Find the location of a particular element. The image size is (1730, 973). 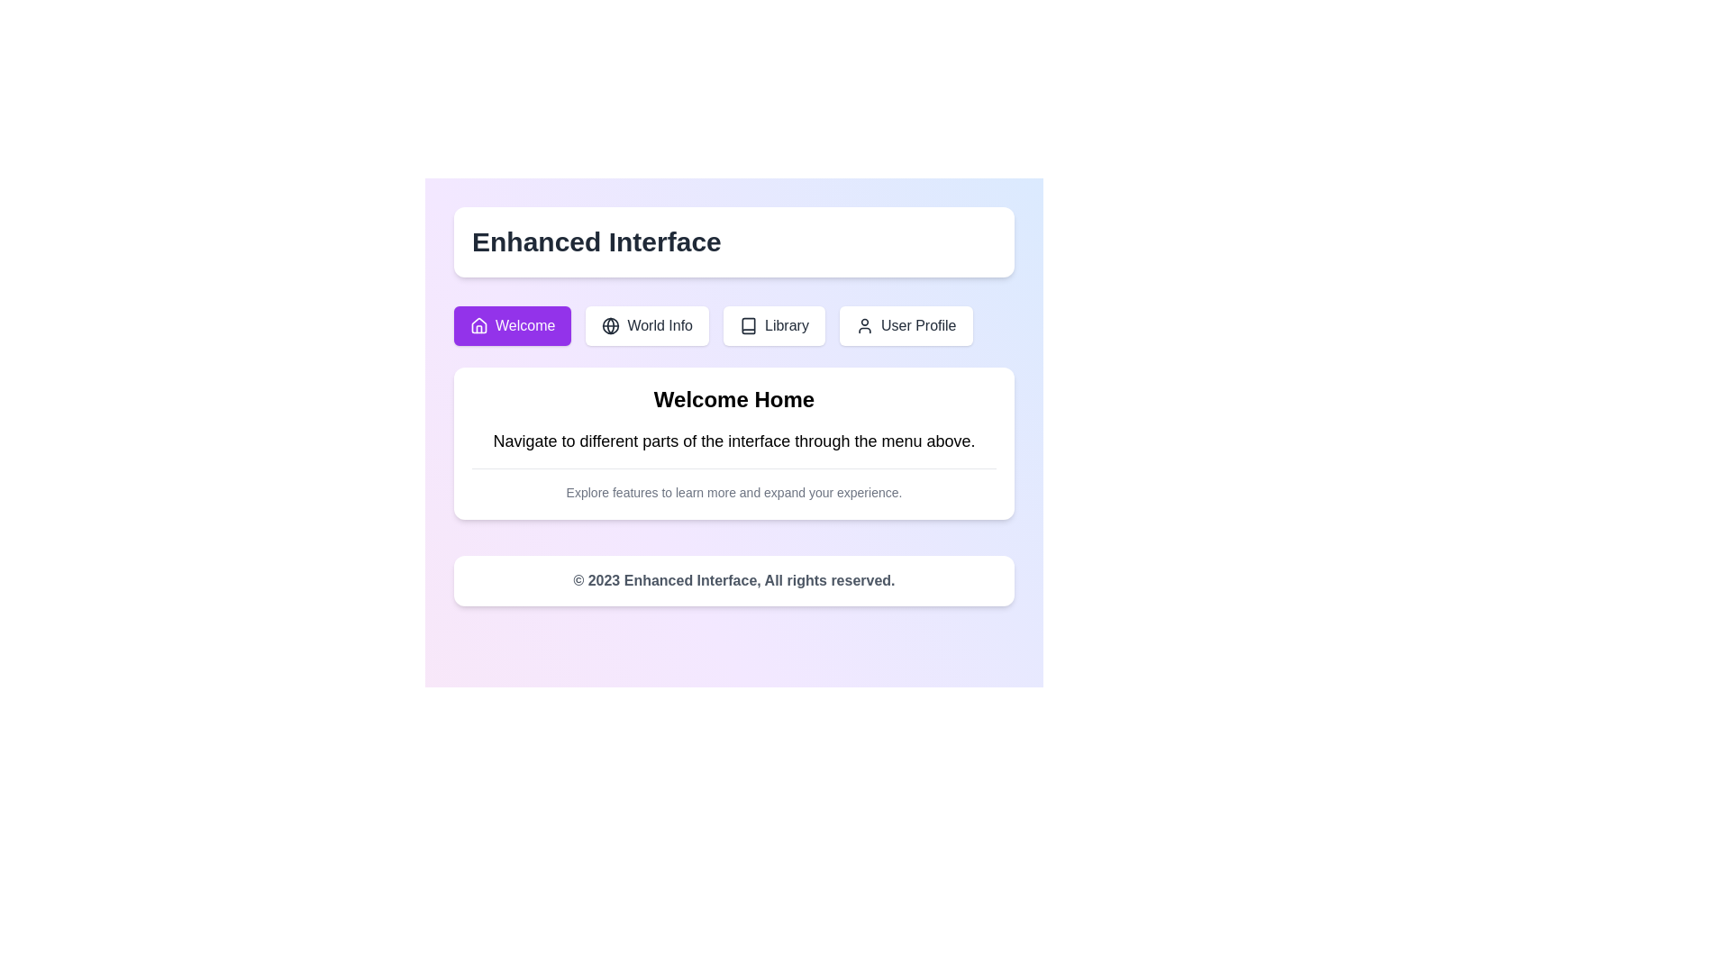

the copyright notice text label styled in gray with bold font, located in the footer section of the interface is located at coordinates (734, 580).